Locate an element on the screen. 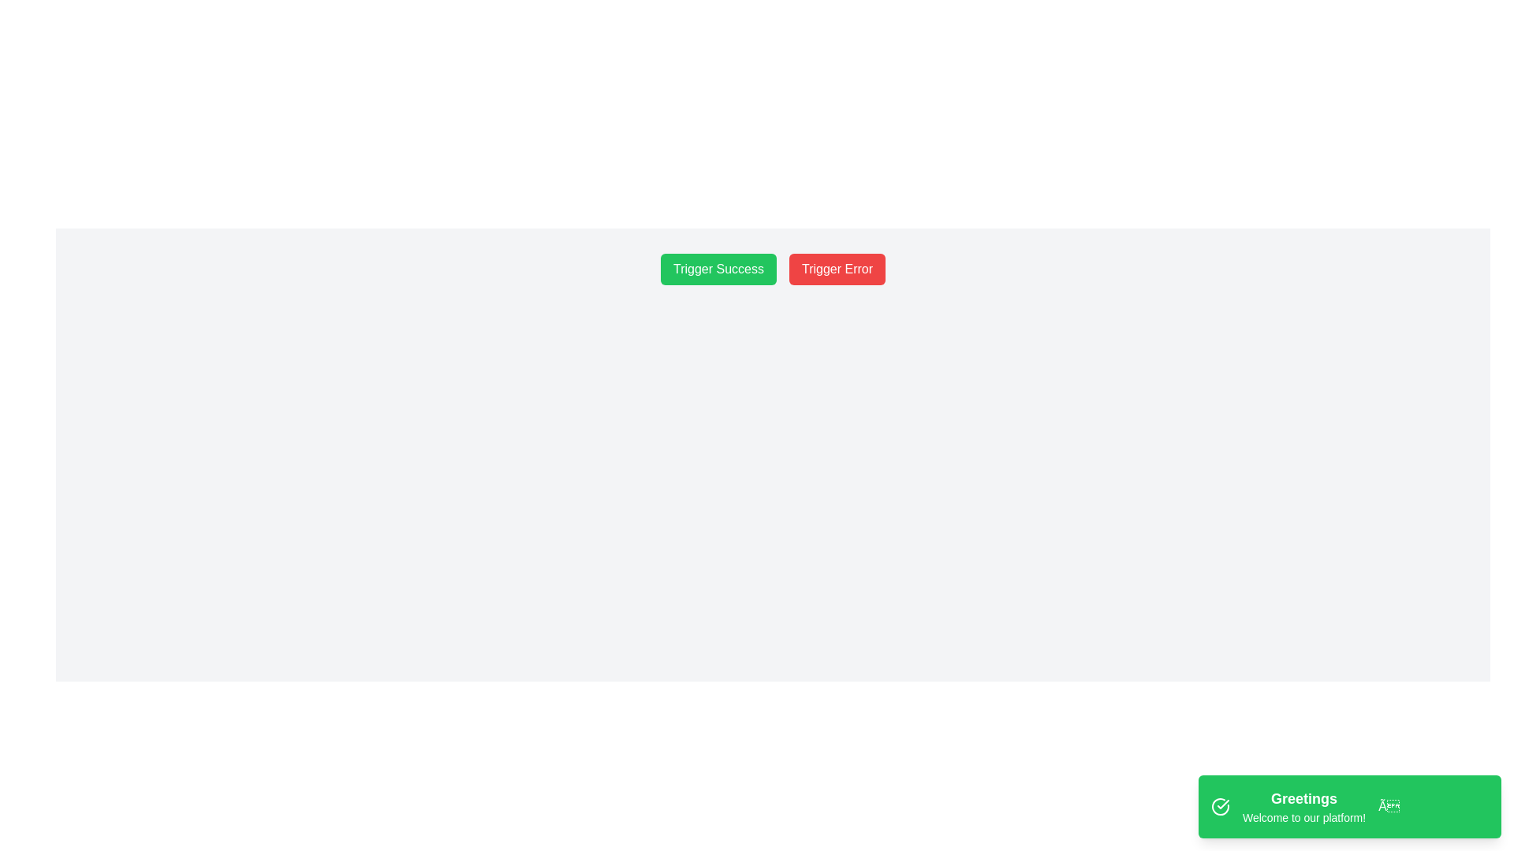 The height and width of the screenshot is (851, 1514). text displayed in the Text Display component that shows 'Welcome to our platform!' located under the heading 'Greetings' in the green section is located at coordinates (1304, 816).